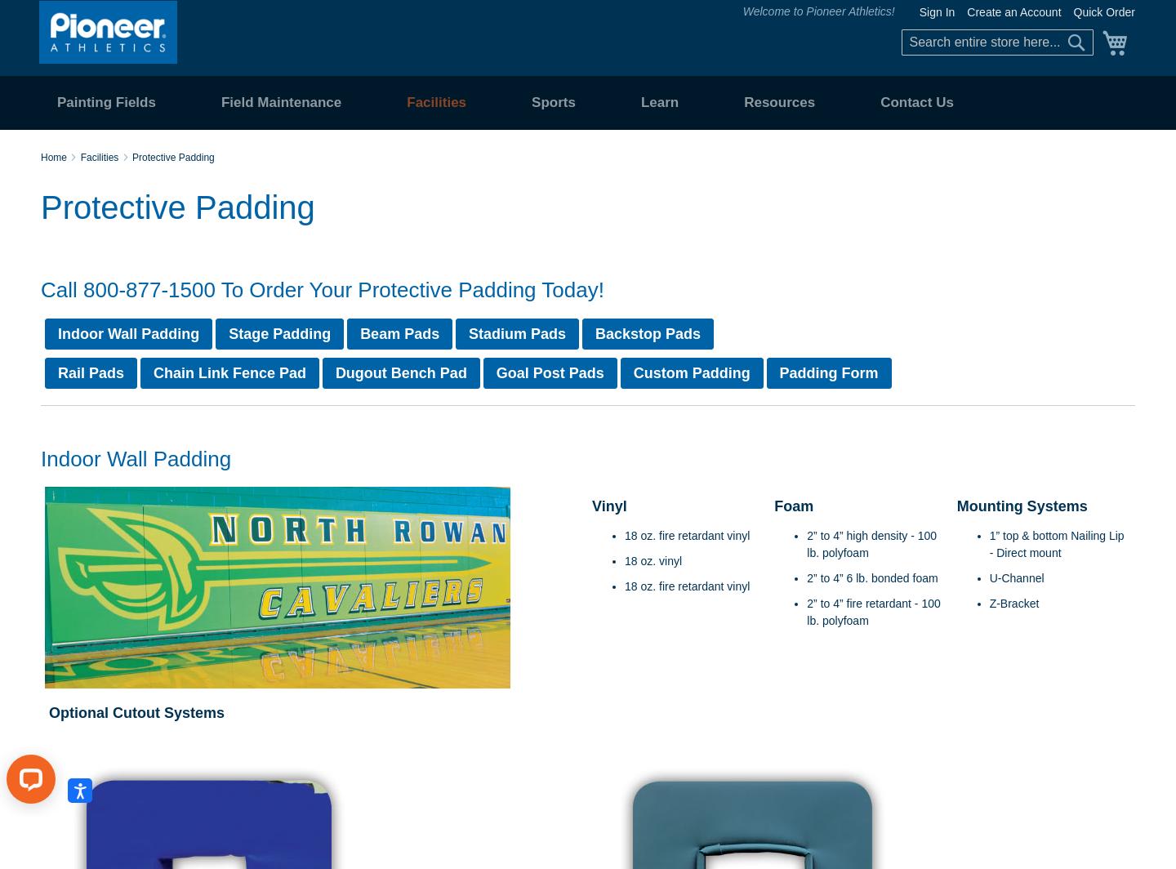 The image size is (1176, 869). I want to click on 'Painting Fields', so click(105, 102).